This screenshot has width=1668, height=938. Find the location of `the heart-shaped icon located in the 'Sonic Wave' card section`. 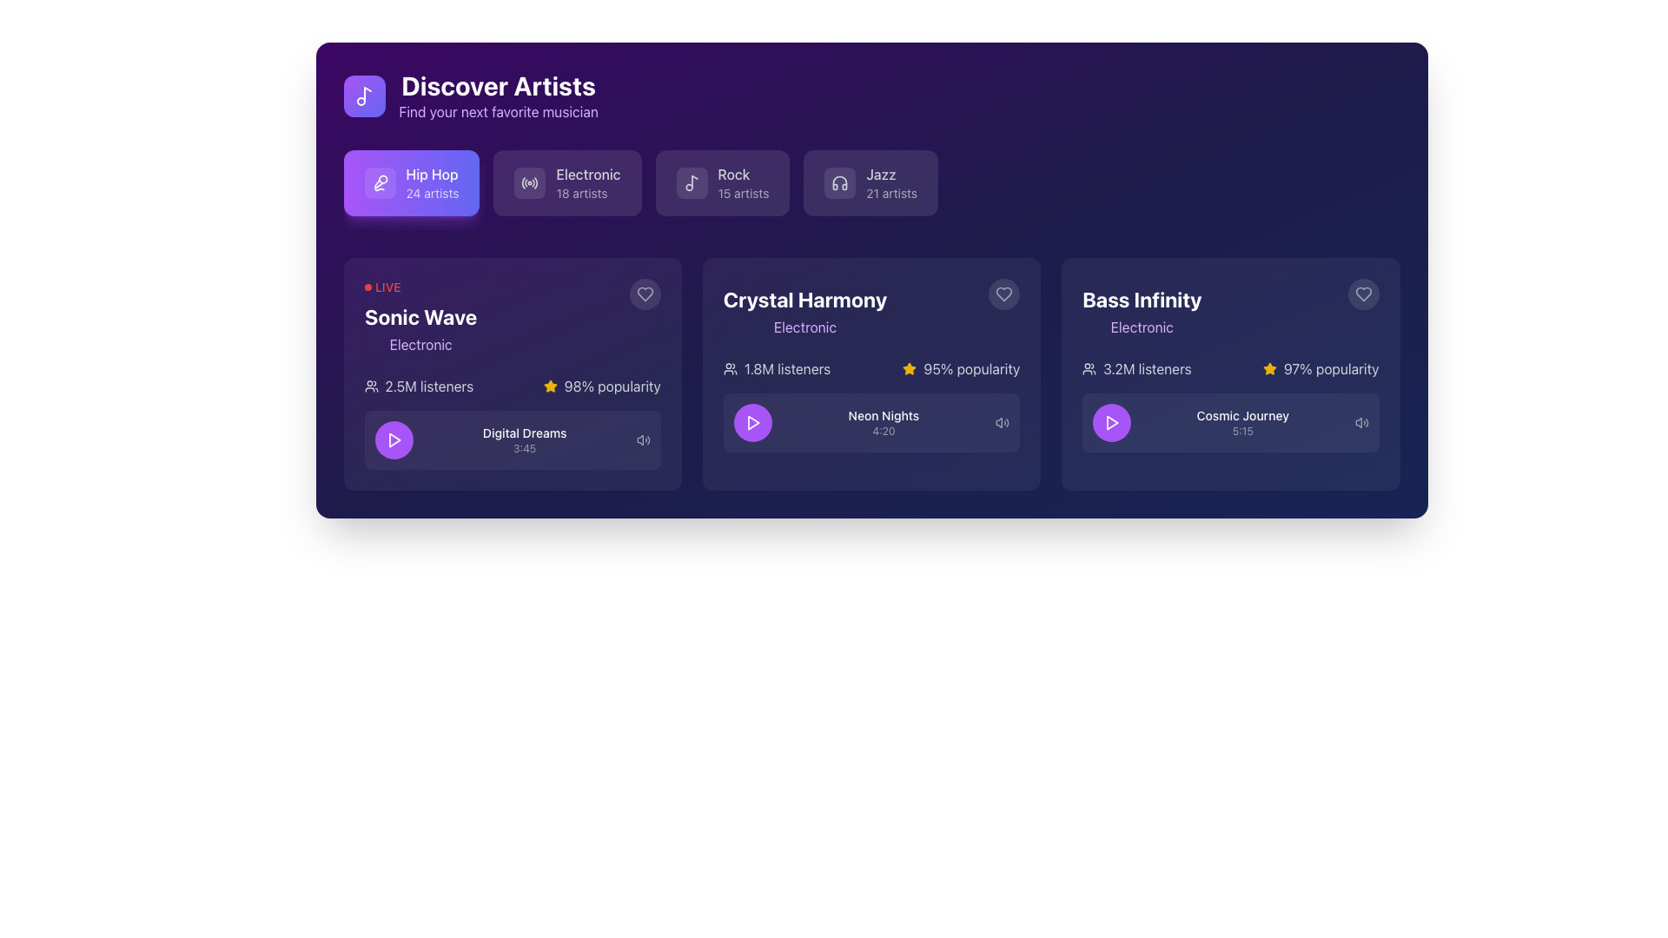

the heart-shaped icon located in the 'Sonic Wave' card section is located at coordinates (644, 294).